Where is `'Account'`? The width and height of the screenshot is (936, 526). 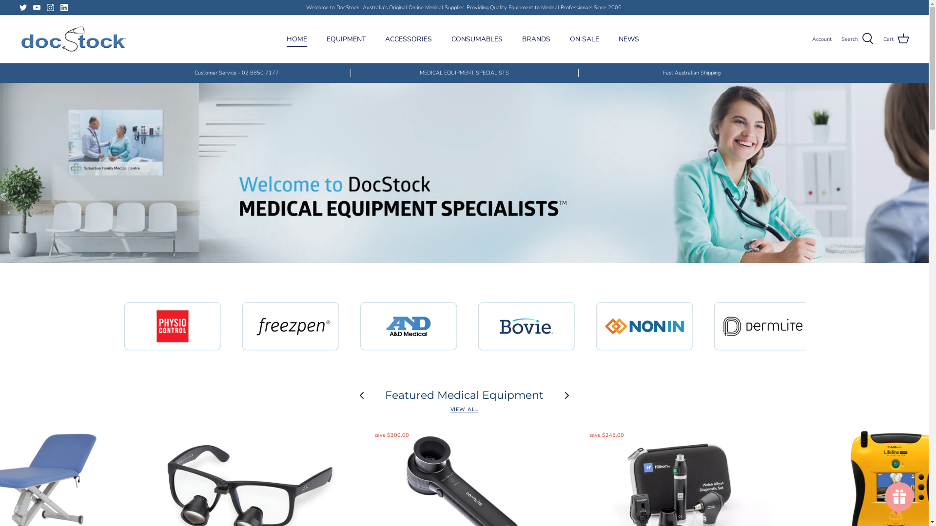
'Account' is located at coordinates (812, 39).